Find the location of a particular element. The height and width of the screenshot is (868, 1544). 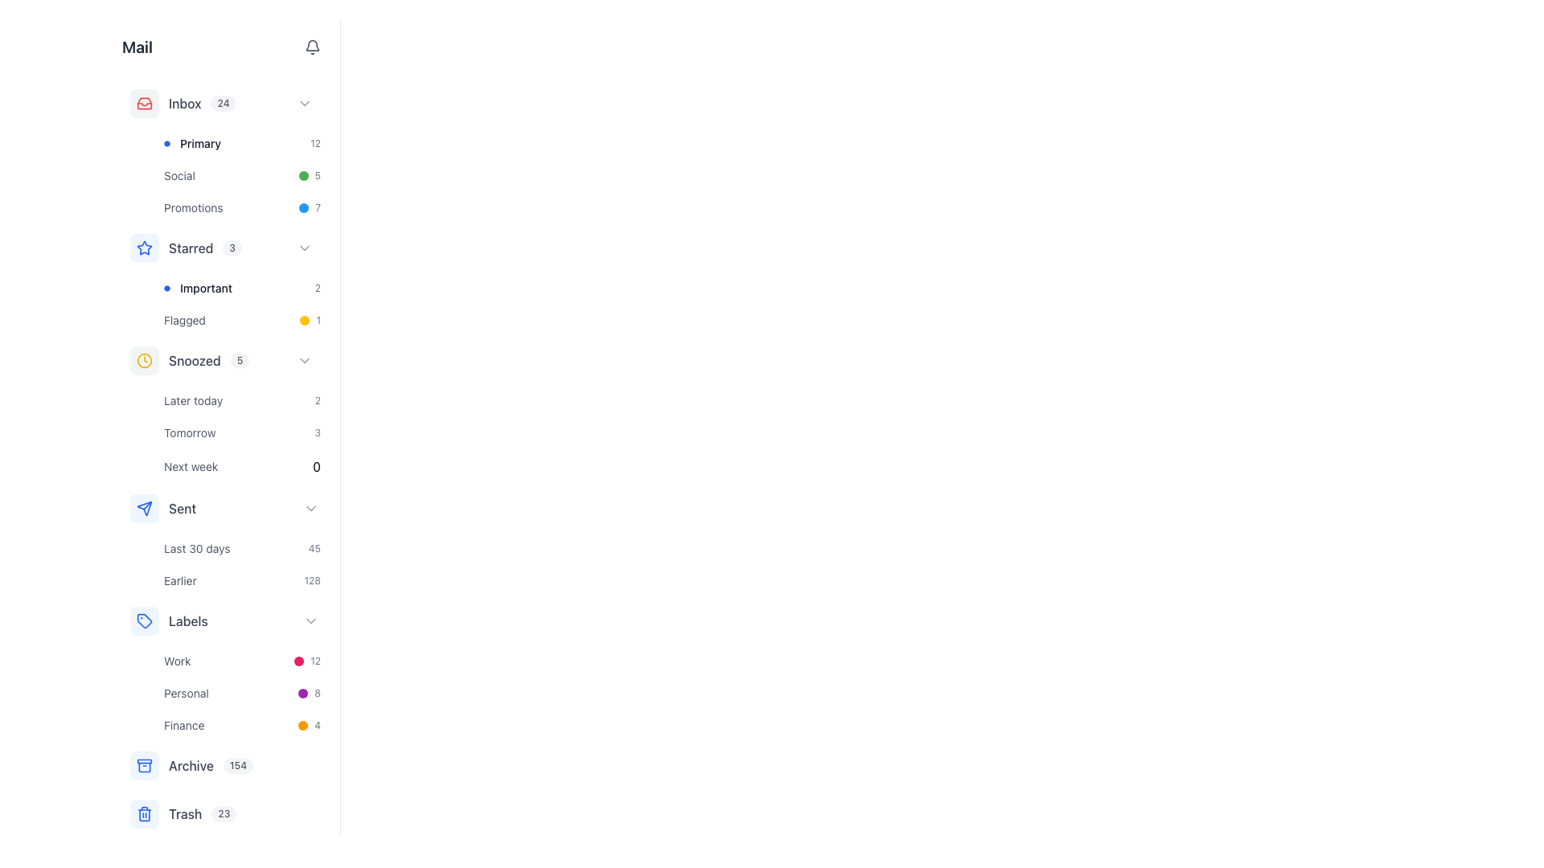

the text label displaying the number '8' is located at coordinates (318, 693).